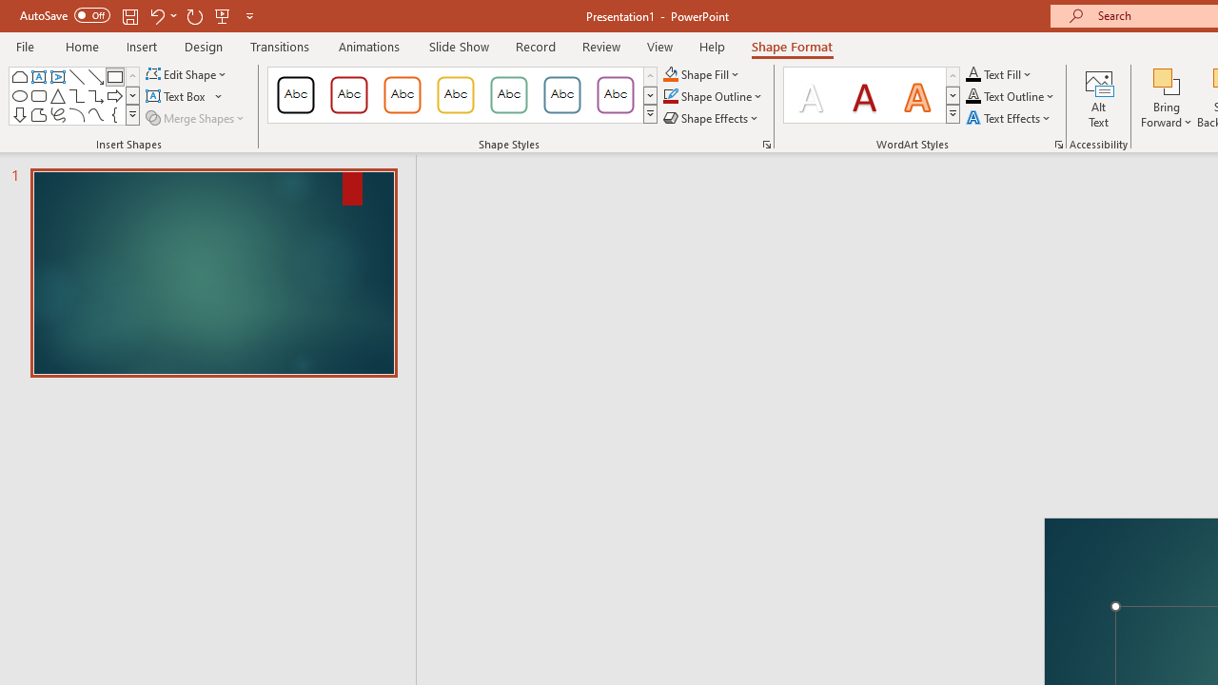 Image resolution: width=1218 pixels, height=685 pixels. What do you see at coordinates (973, 73) in the screenshot?
I see `'Text Fill RGB(0, 0, 0)'` at bounding box center [973, 73].